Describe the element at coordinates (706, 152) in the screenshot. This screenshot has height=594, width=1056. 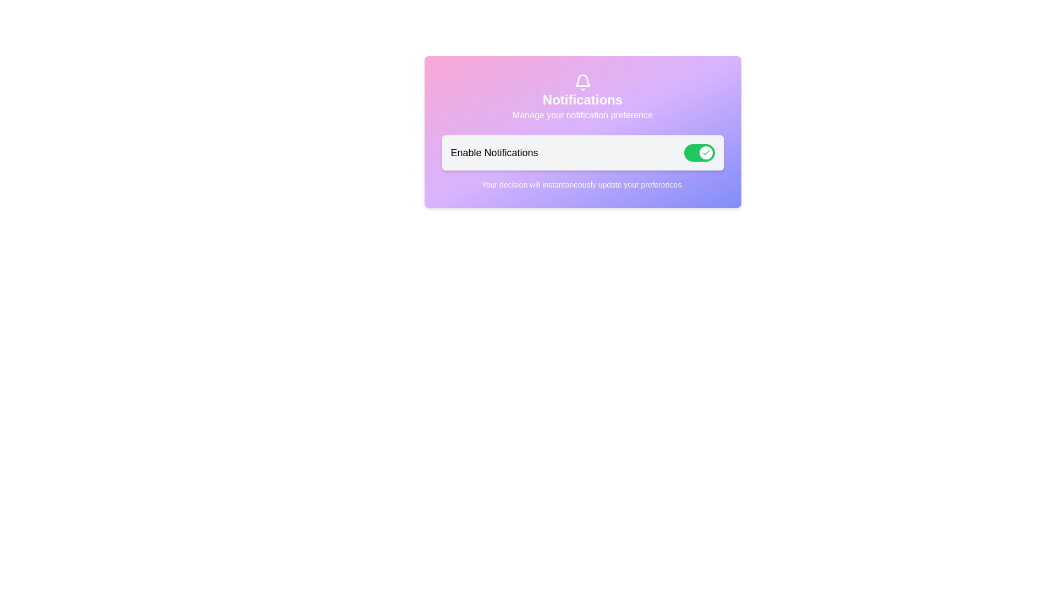
I see `the toggle switch handle with indicator on the far right side of the toggle switch` at that location.